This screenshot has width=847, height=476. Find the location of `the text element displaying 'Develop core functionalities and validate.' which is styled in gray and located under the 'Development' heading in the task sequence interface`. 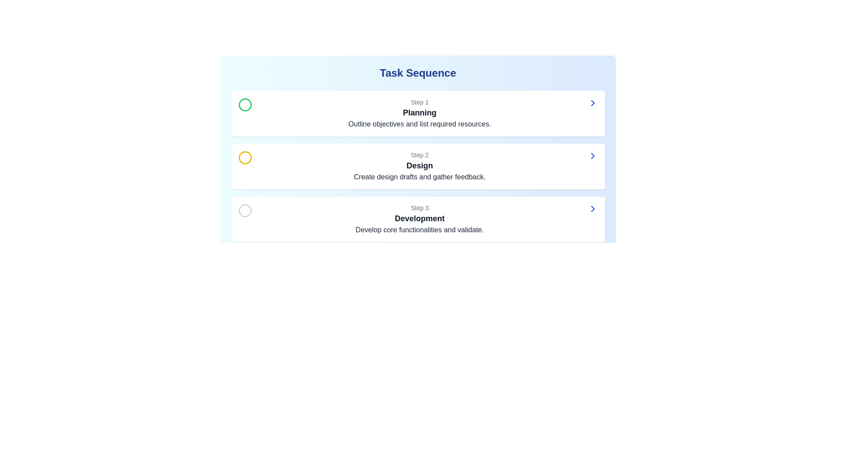

the text element displaying 'Develop core functionalities and validate.' which is styled in gray and located under the 'Development' heading in the task sequence interface is located at coordinates (419, 229).